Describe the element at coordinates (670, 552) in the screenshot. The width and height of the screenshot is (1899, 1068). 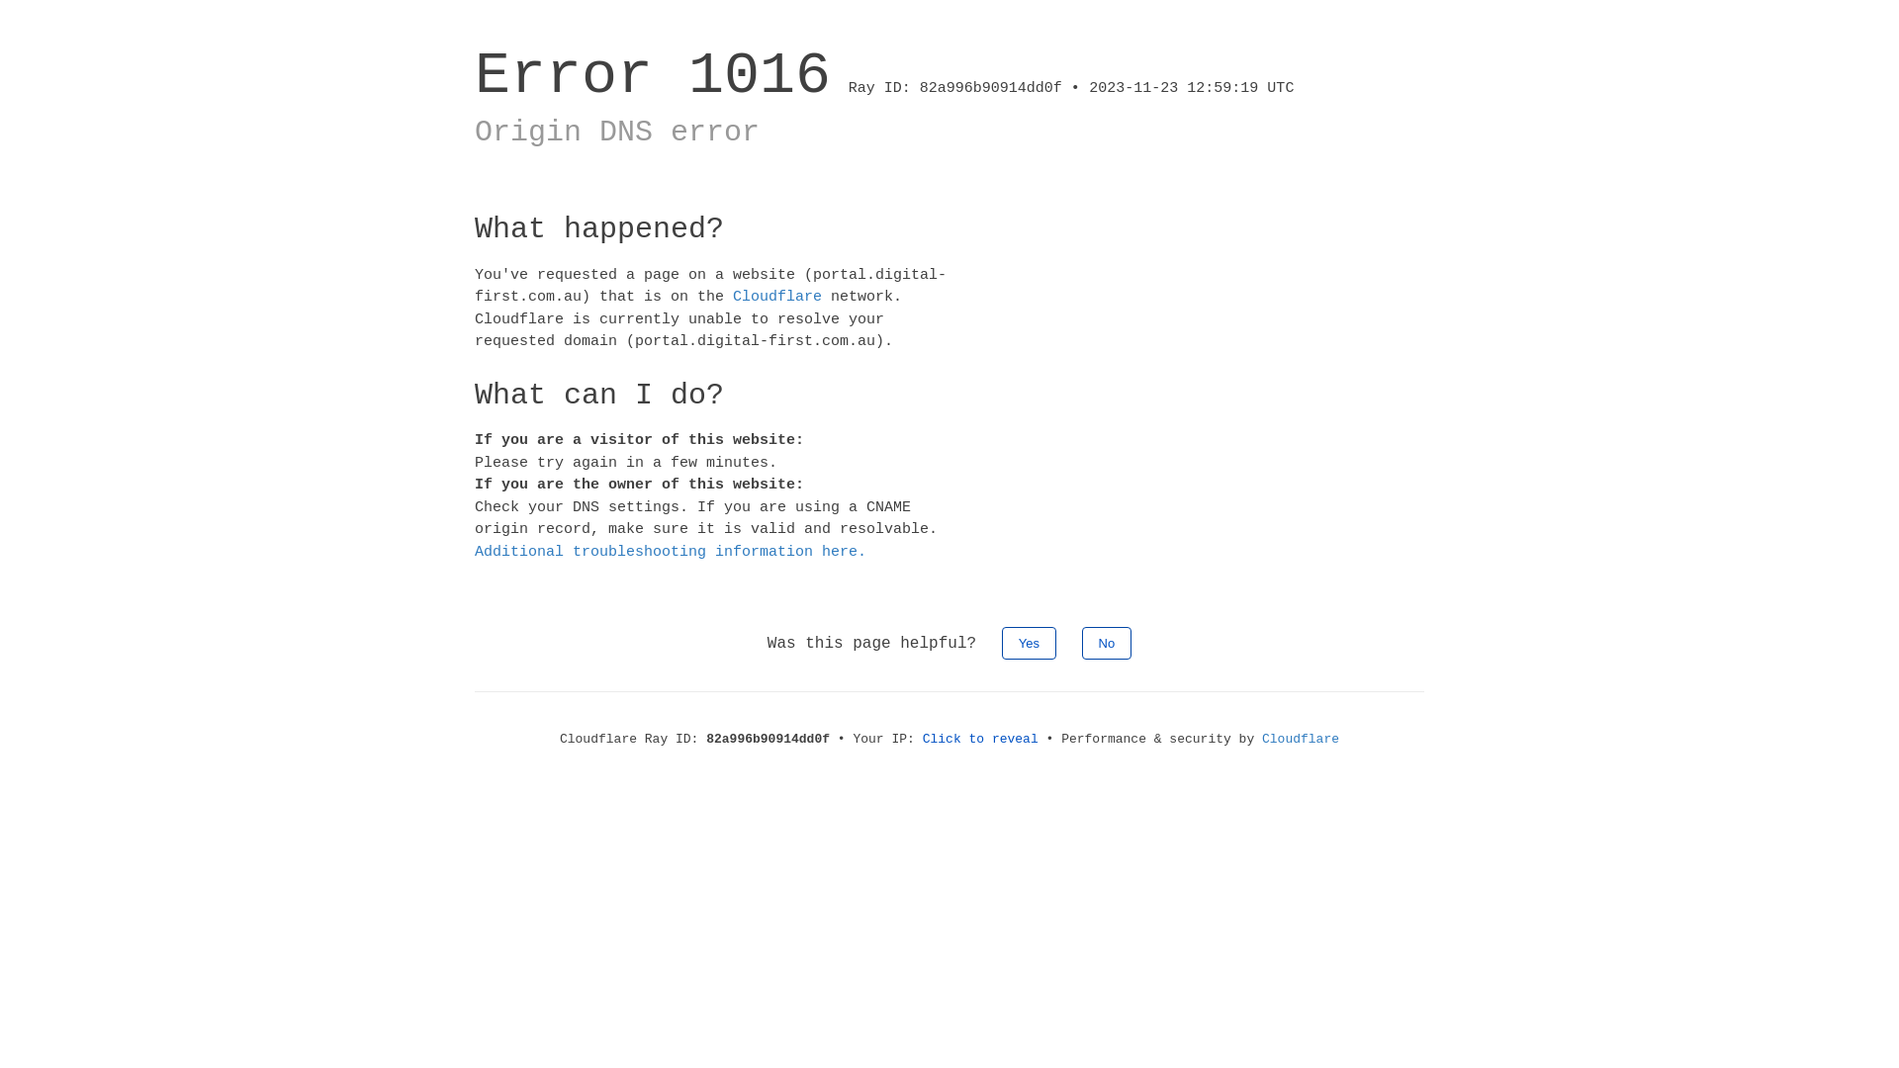
I see `'Additional troubleshooting information here.'` at that location.